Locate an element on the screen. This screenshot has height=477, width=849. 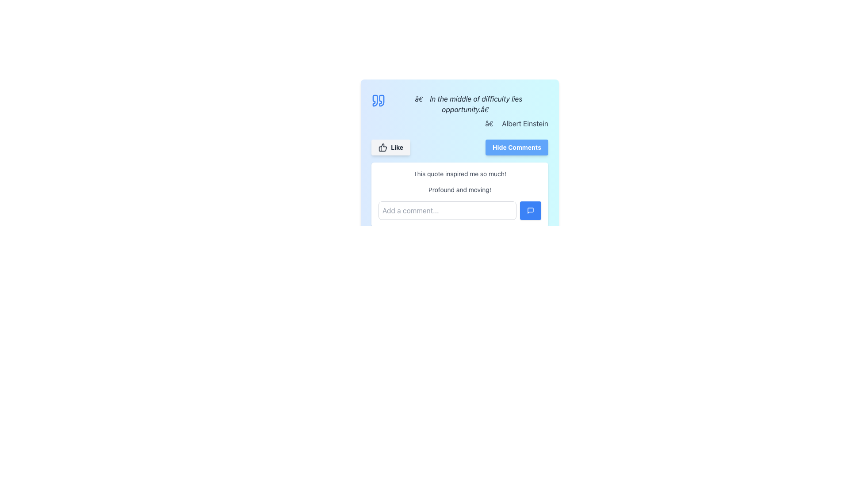
the blue square-shaped button icon located at the bottom-right corner of the comment input section is located at coordinates (531, 211).